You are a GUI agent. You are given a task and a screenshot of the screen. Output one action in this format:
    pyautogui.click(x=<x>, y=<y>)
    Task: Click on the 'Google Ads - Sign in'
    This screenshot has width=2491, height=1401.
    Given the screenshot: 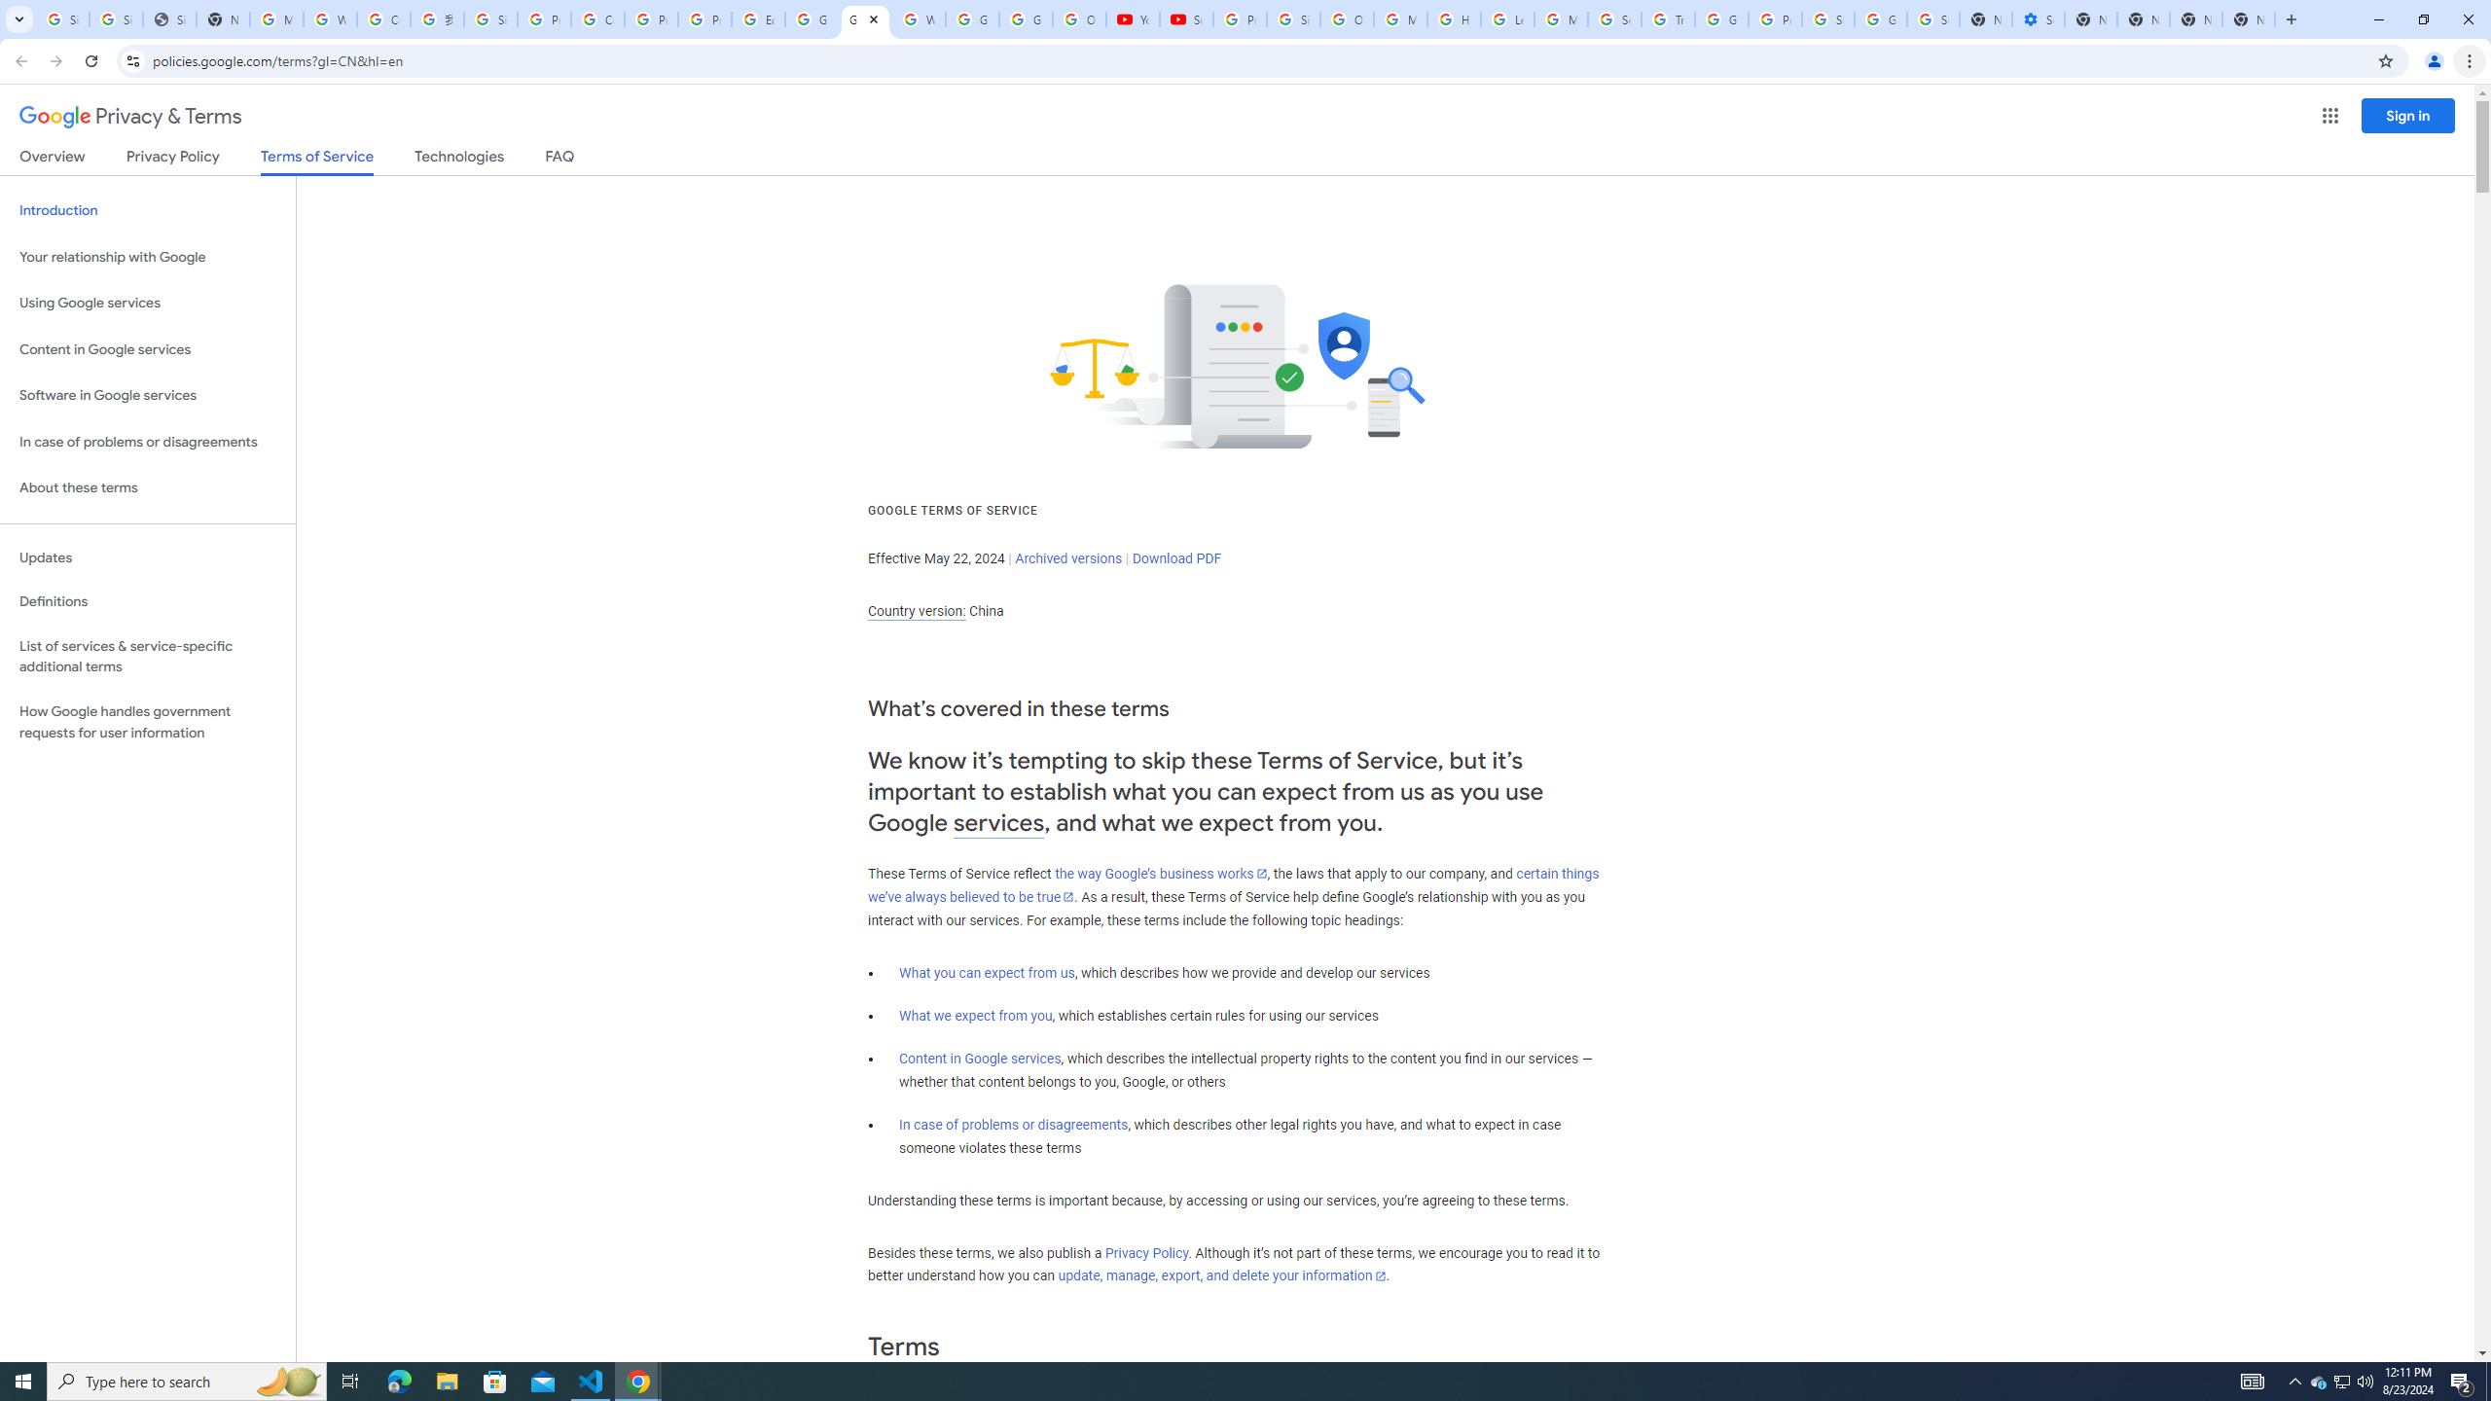 What is the action you would take?
    pyautogui.click(x=1720, y=18)
    